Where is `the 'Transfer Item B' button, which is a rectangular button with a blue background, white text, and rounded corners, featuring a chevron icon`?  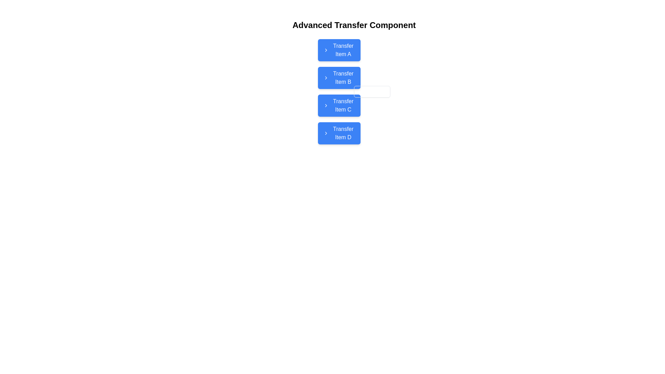 the 'Transfer Item B' button, which is a rectangular button with a blue background, white text, and rounded corners, featuring a chevron icon is located at coordinates (354, 91).